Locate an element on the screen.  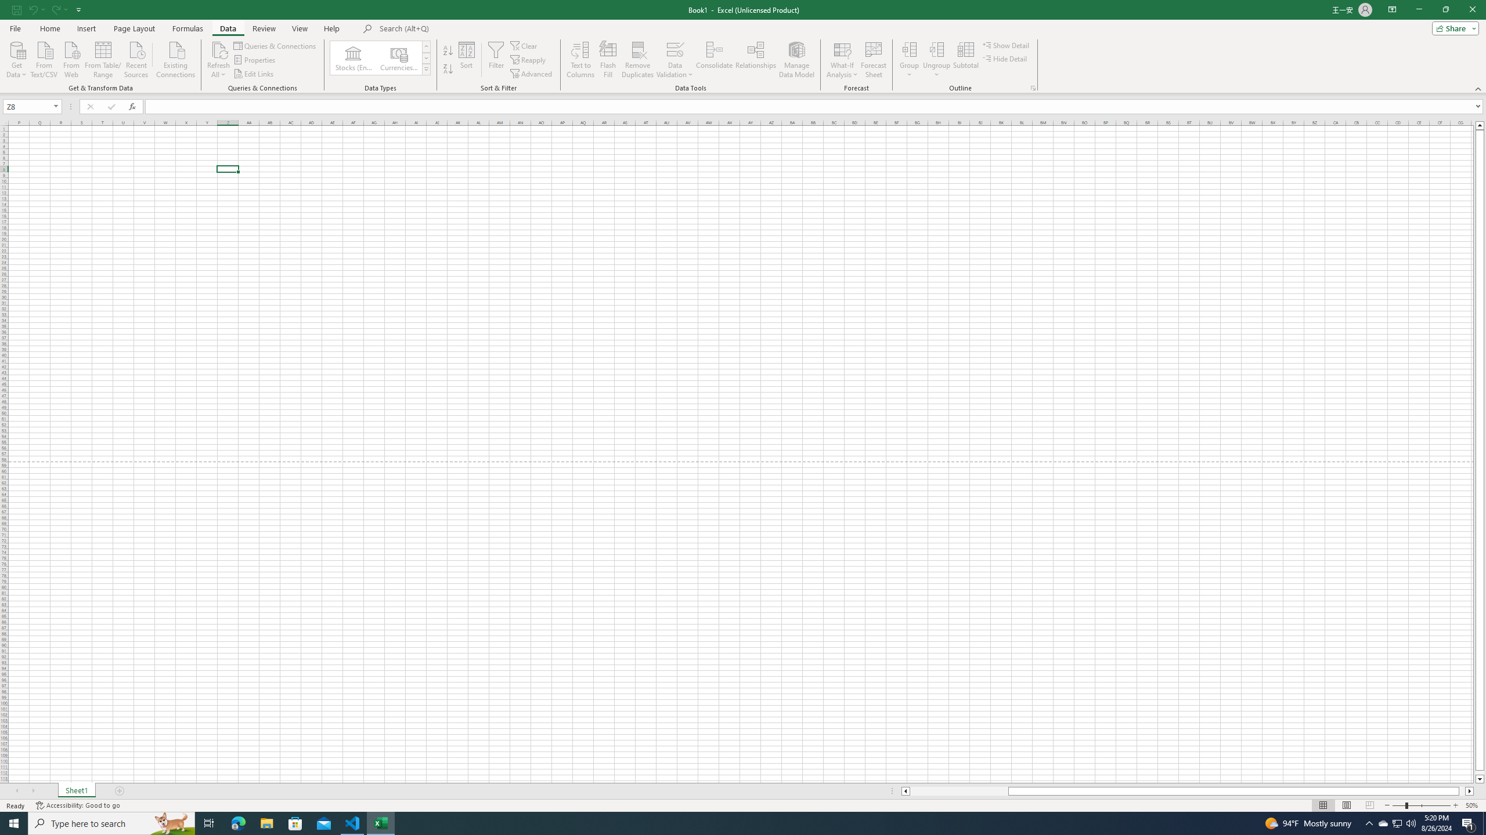
'Text to Columns...' is located at coordinates (579, 60).